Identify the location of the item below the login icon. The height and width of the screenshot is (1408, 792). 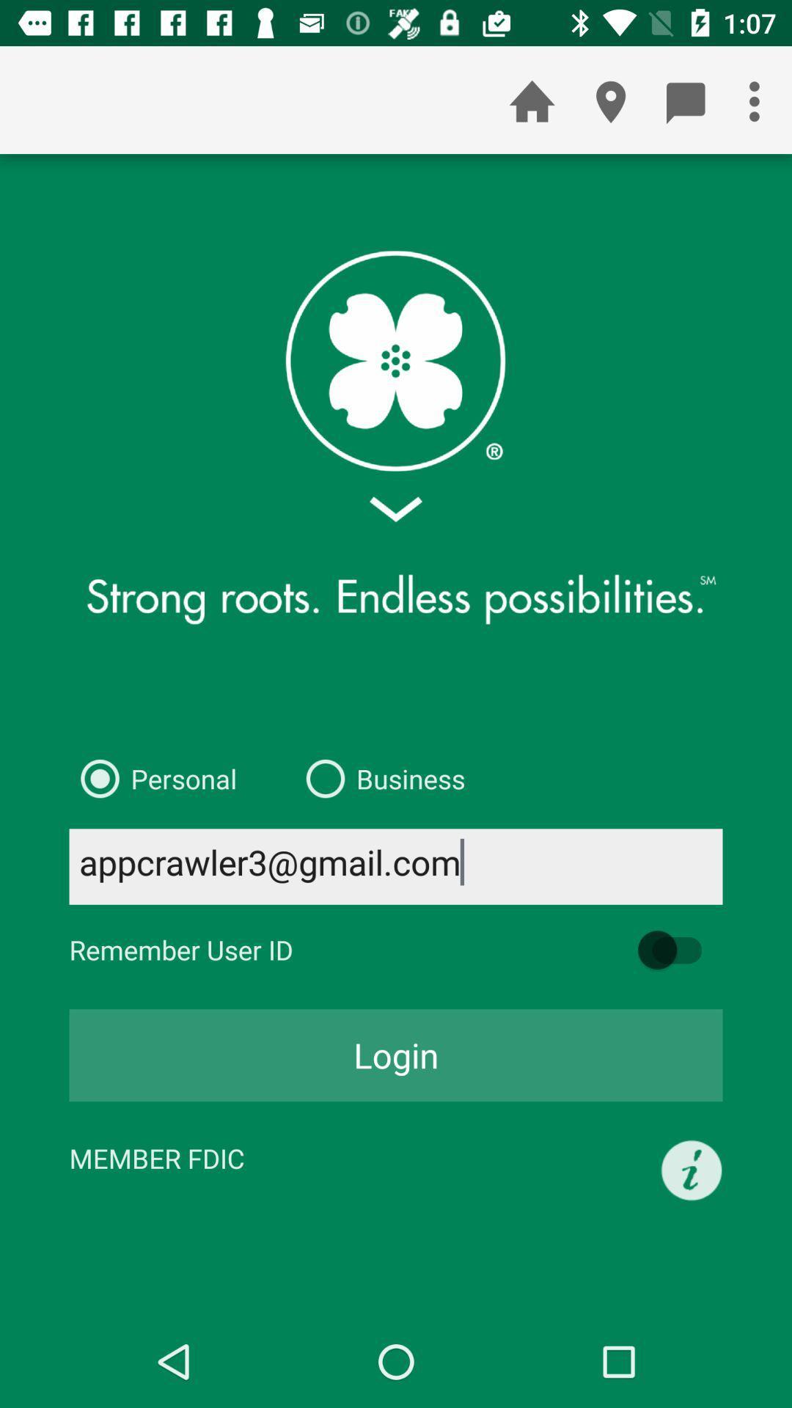
(692, 1170).